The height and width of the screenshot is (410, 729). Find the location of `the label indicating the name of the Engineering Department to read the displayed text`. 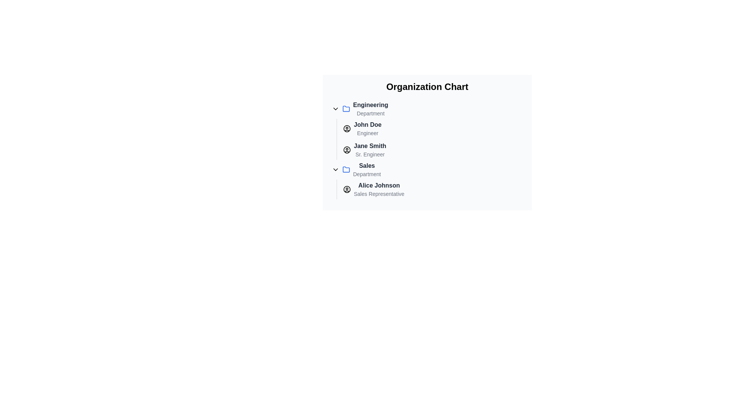

the label indicating the name of the Engineering Department to read the displayed text is located at coordinates (371, 105).